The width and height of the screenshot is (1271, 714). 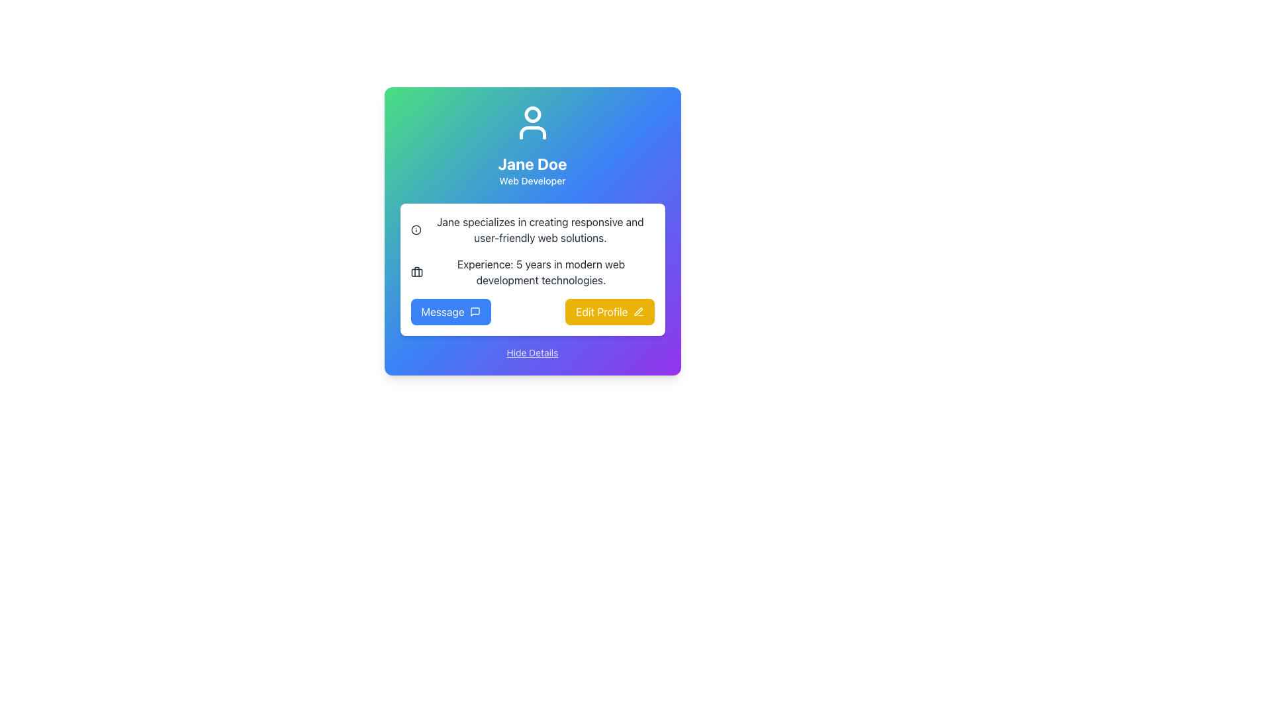 I want to click on informational text about the professional's experience, which states 'Experience: 5 years in modern web development technologies.' located in the middle of the profile card underneath the description about Jane, so click(x=532, y=272).